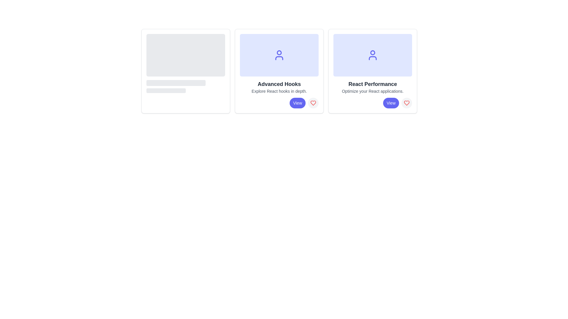 Image resolution: width=568 pixels, height=319 pixels. I want to click on the favorite button located at the bottom-right region of the 'Advanced Hooks' card, so click(313, 102).